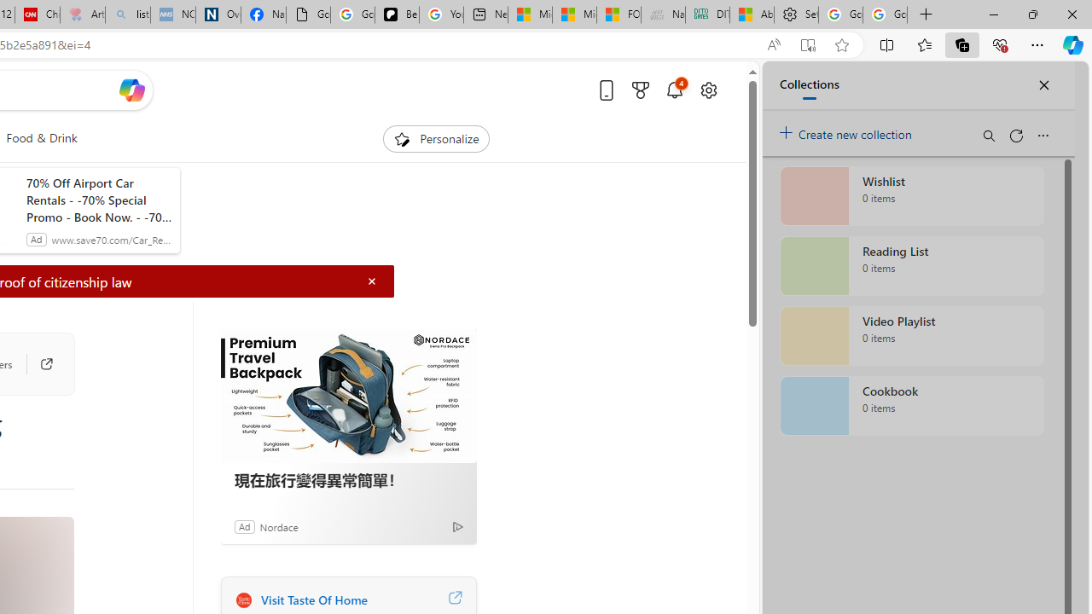 This screenshot has width=1092, height=614. Describe the element at coordinates (806, 44) in the screenshot. I see `'Enter Immersive Reader (F9)'` at that location.